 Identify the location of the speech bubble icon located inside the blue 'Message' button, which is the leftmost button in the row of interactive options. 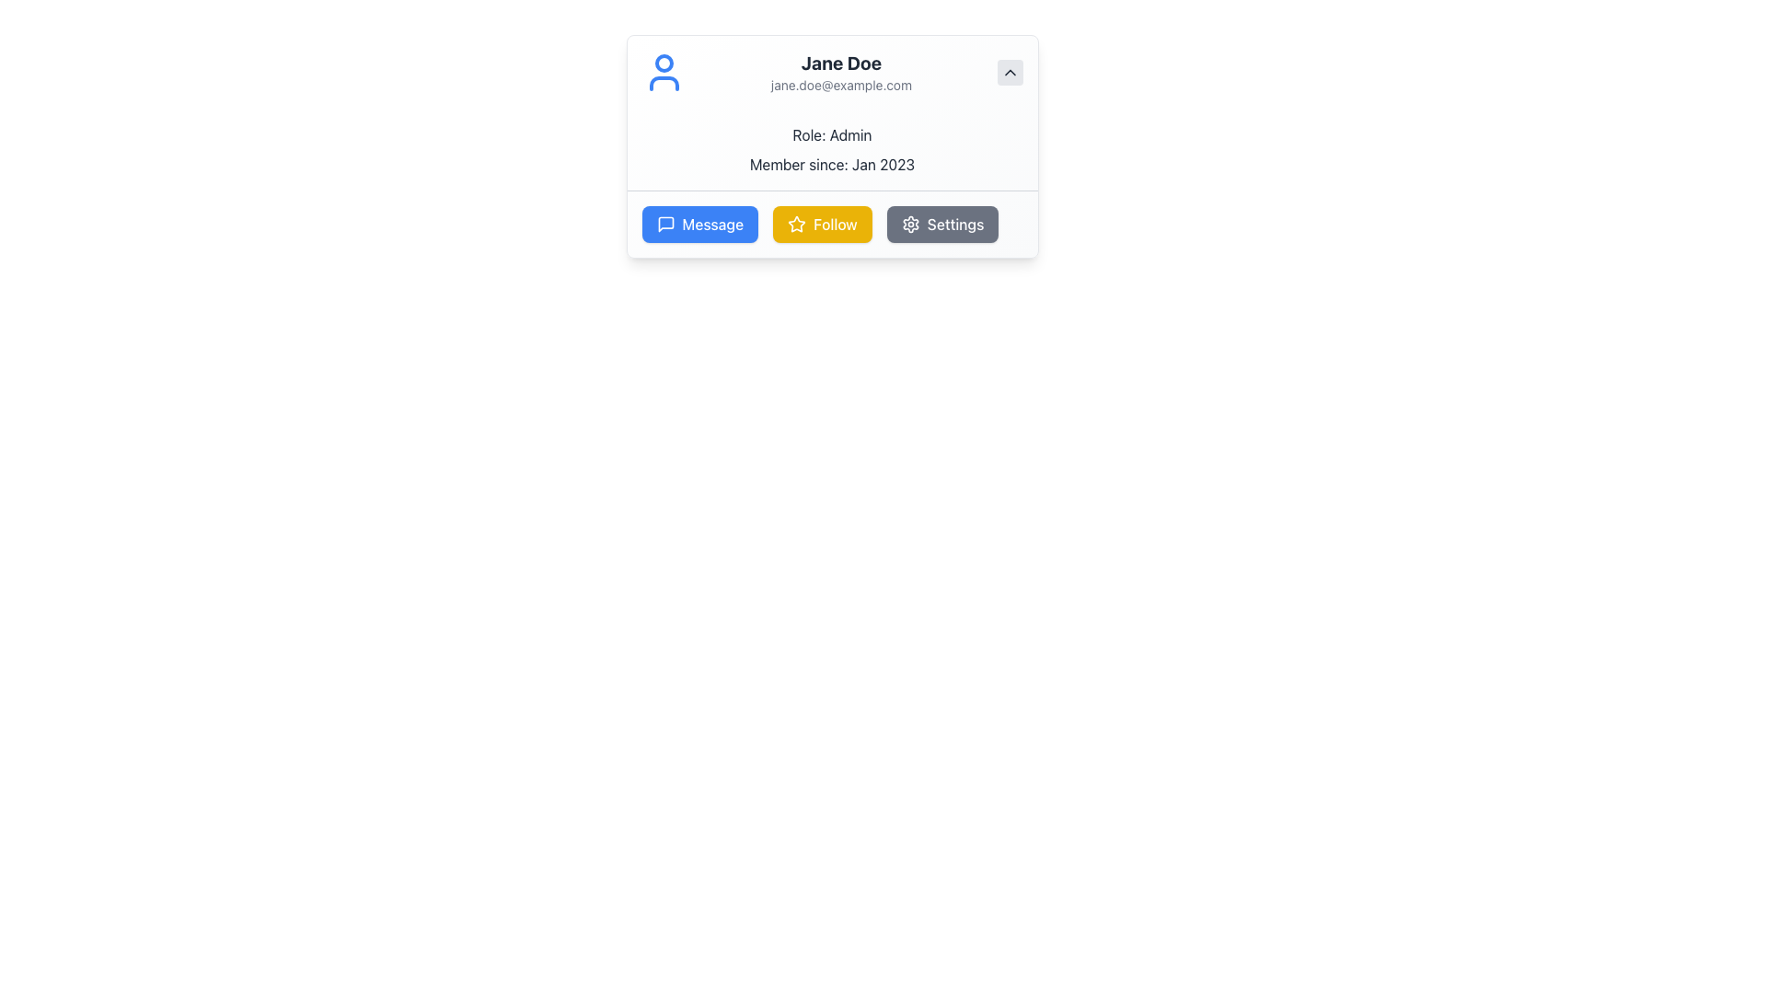
(664, 223).